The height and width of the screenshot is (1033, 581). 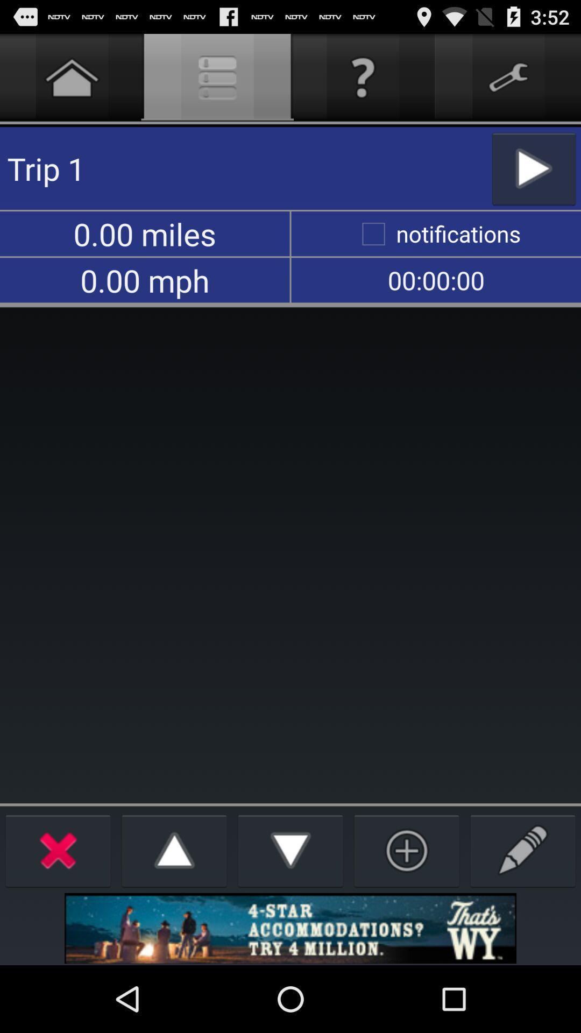 What do you see at coordinates (407, 909) in the screenshot?
I see `the add icon` at bounding box center [407, 909].